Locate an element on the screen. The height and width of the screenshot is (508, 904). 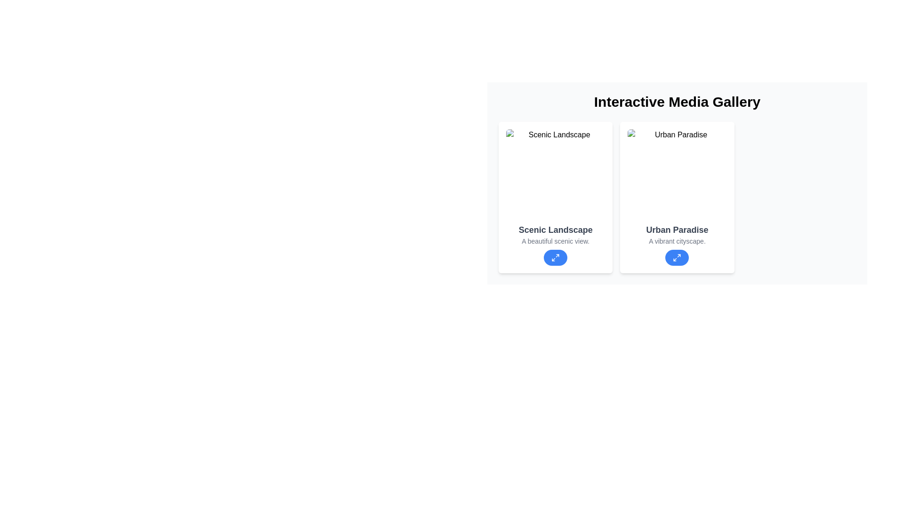
the Text Label that describes the content of the card, positioned below an image and above descriptive text in the first column of the card layout is located at coordinates (556, 230).